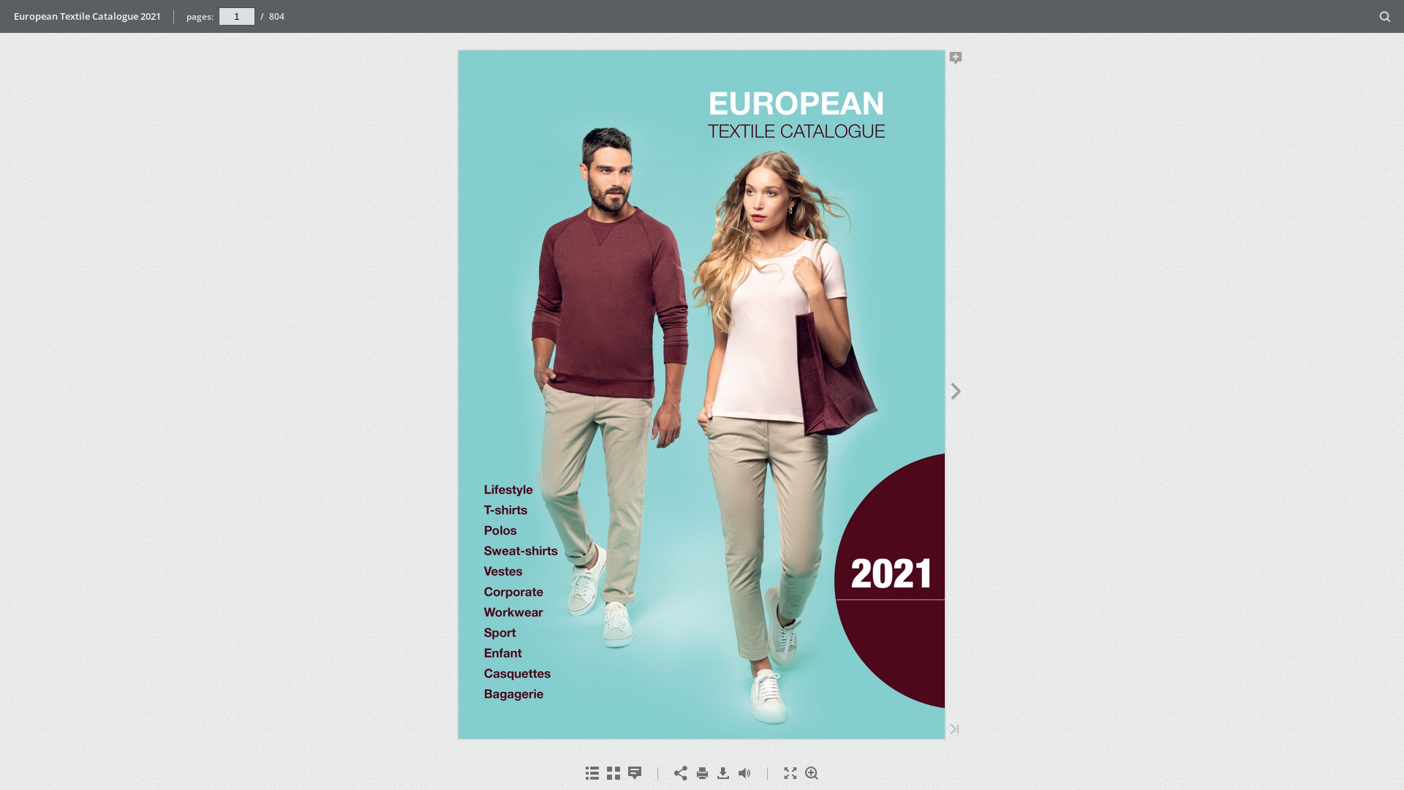  I want to click on 'Share', so click(679, 772).